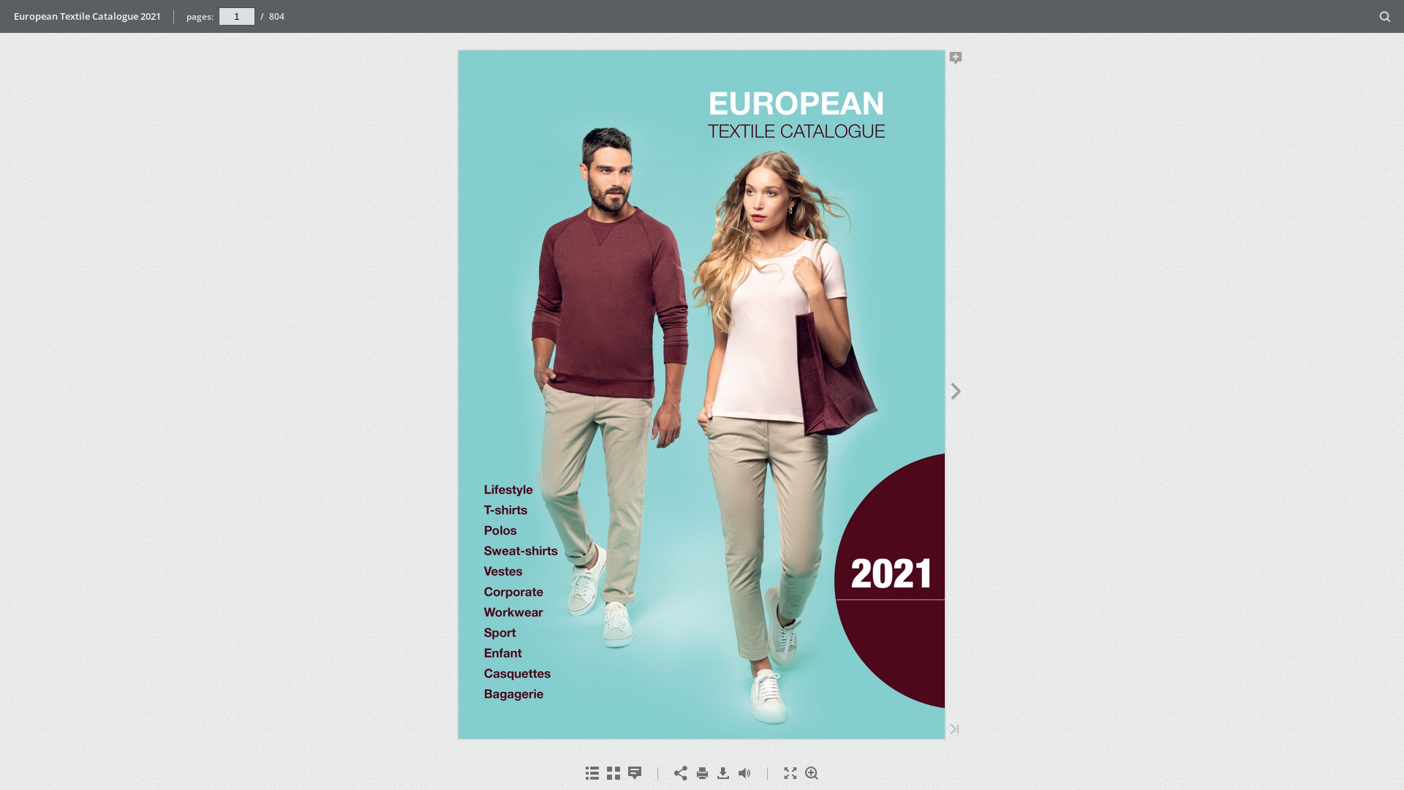  I want to click on 'Share', so click(679, 772).